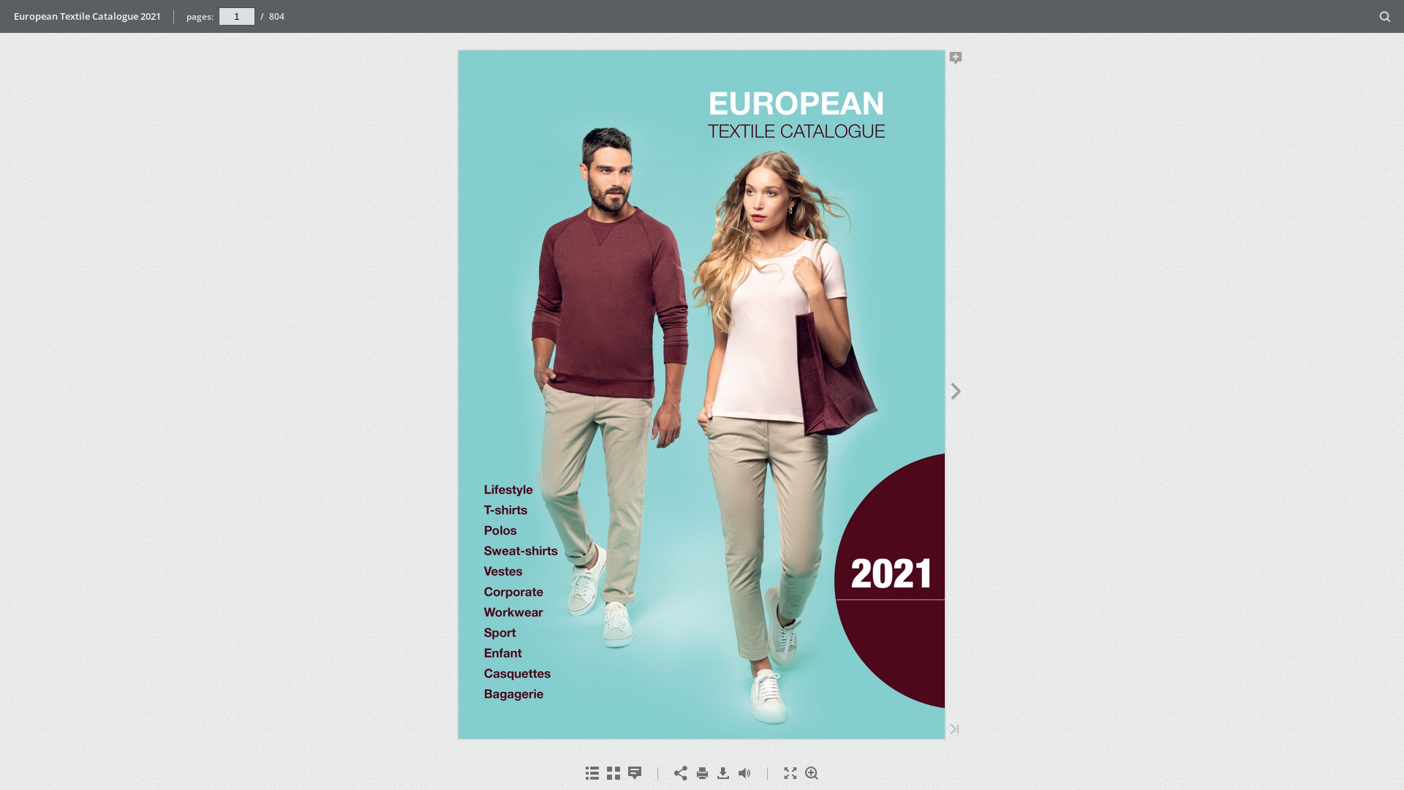  I want to click on 'Share', so click(679, 772).